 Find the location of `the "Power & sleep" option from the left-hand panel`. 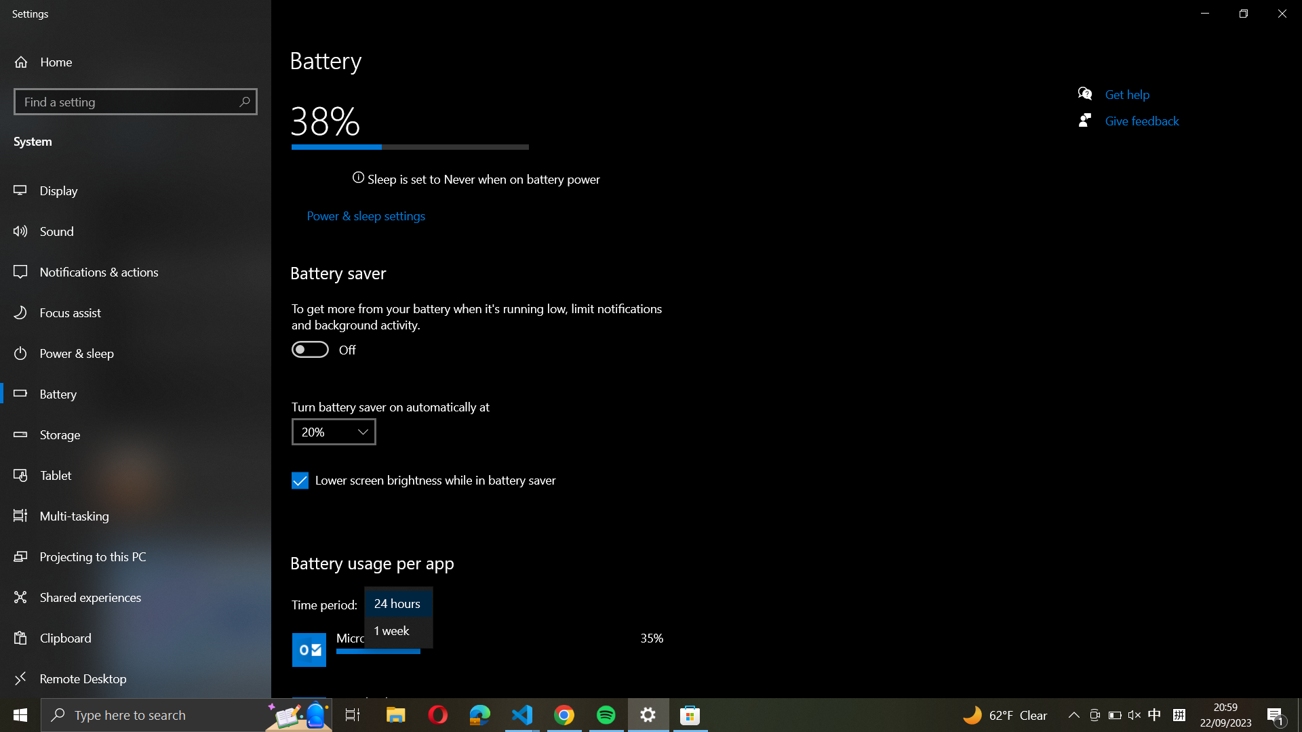

the "Power & sleep" option from the left-hand panel is located at coordinates (364, 216).